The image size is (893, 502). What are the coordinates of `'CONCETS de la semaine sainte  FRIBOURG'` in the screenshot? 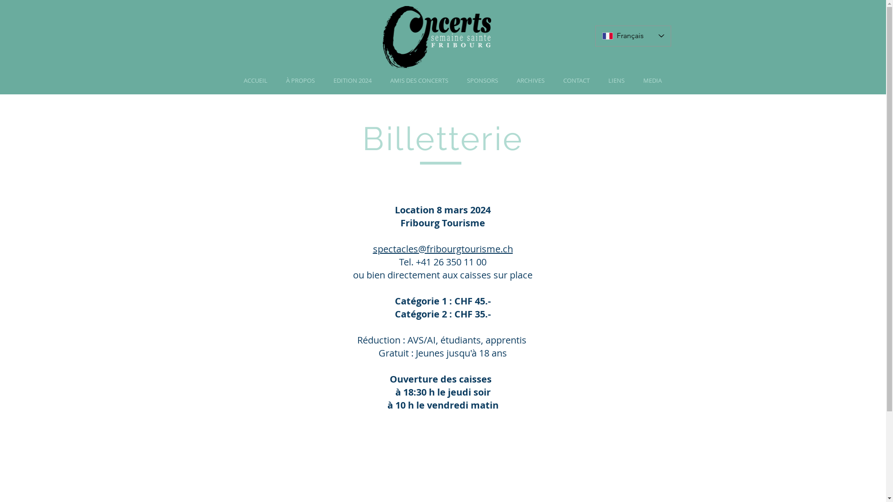 It's located at (436, 38).